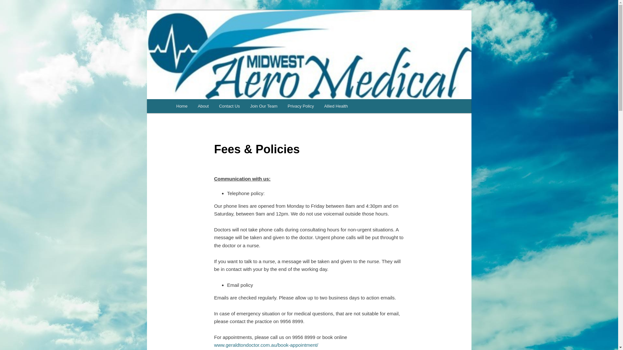 The height and width of the screenshot is (350, 623). I want to click on 'Contact Us', so click(229, 106).